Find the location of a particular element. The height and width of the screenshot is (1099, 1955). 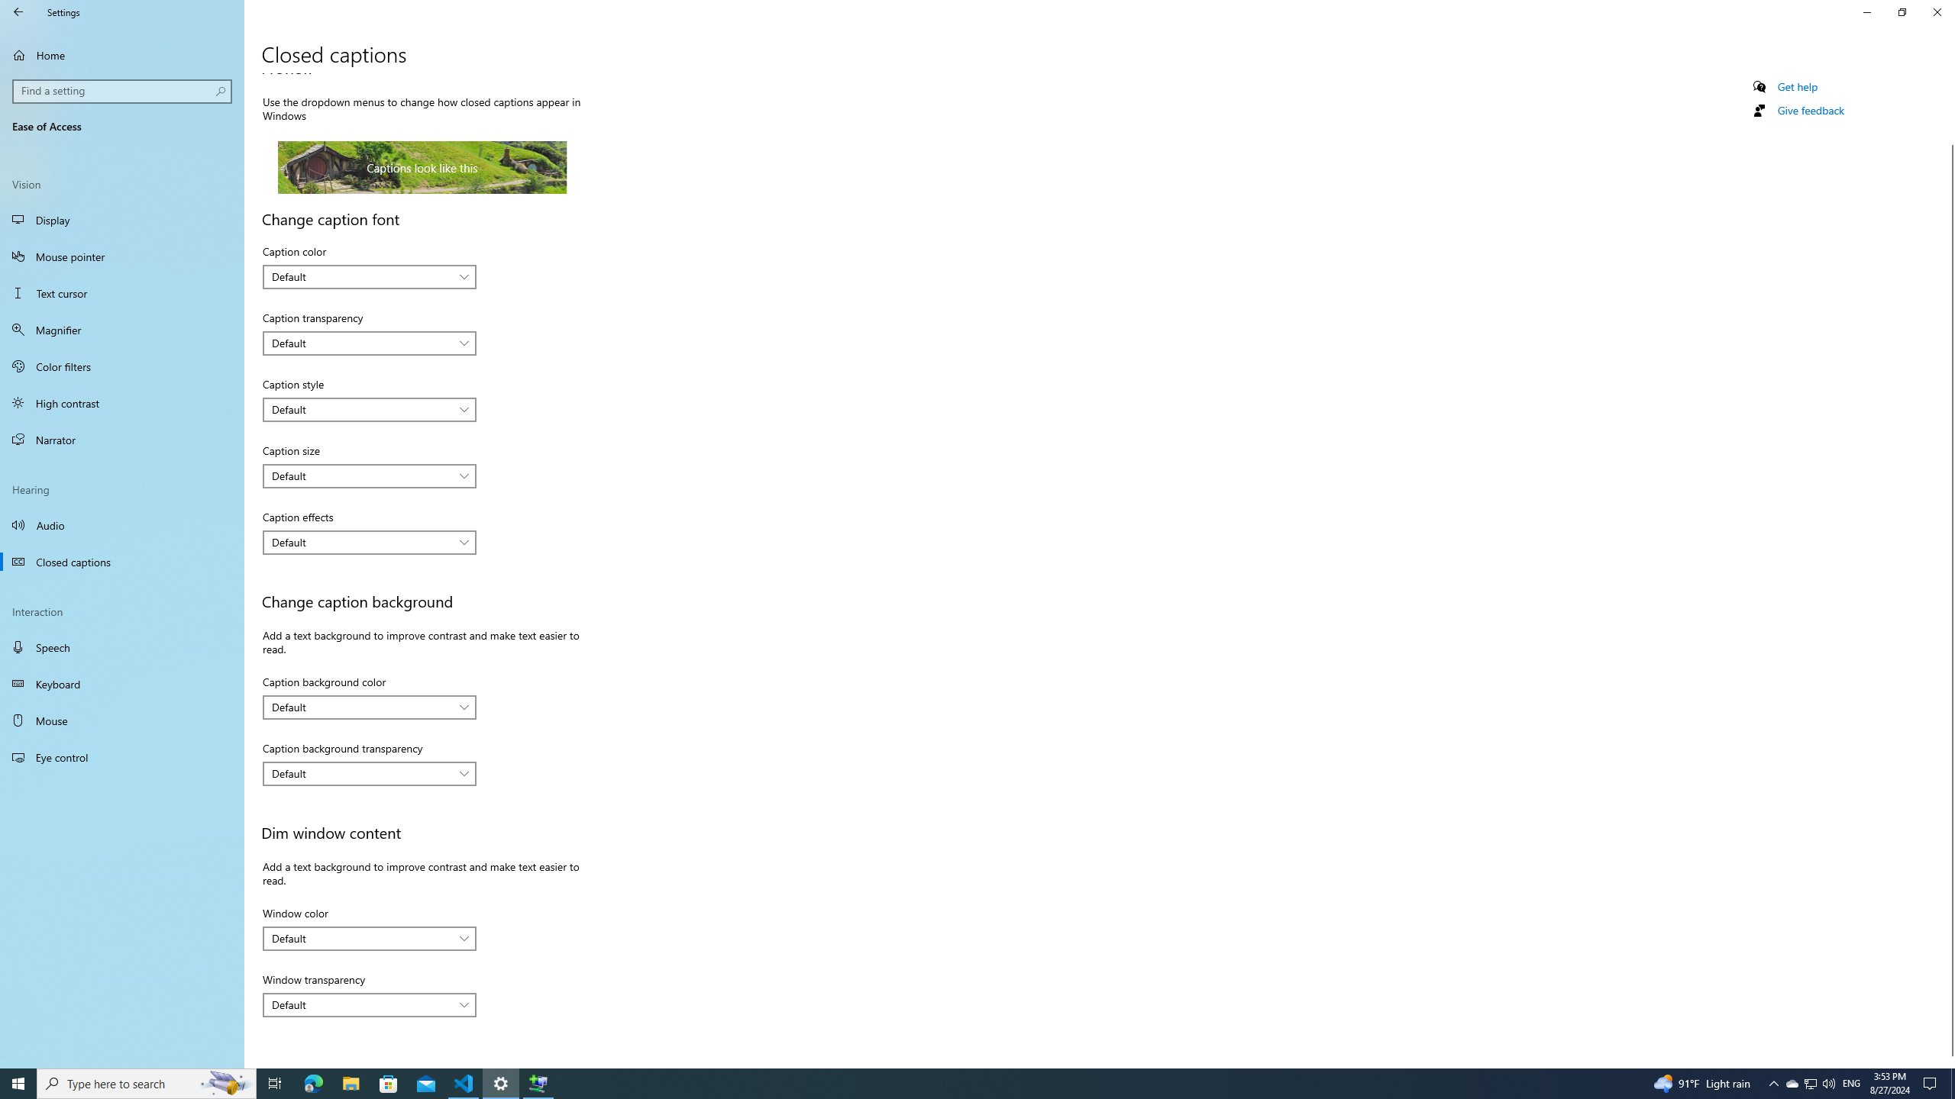

'Running applications' is located at coordinates (948, 1082).